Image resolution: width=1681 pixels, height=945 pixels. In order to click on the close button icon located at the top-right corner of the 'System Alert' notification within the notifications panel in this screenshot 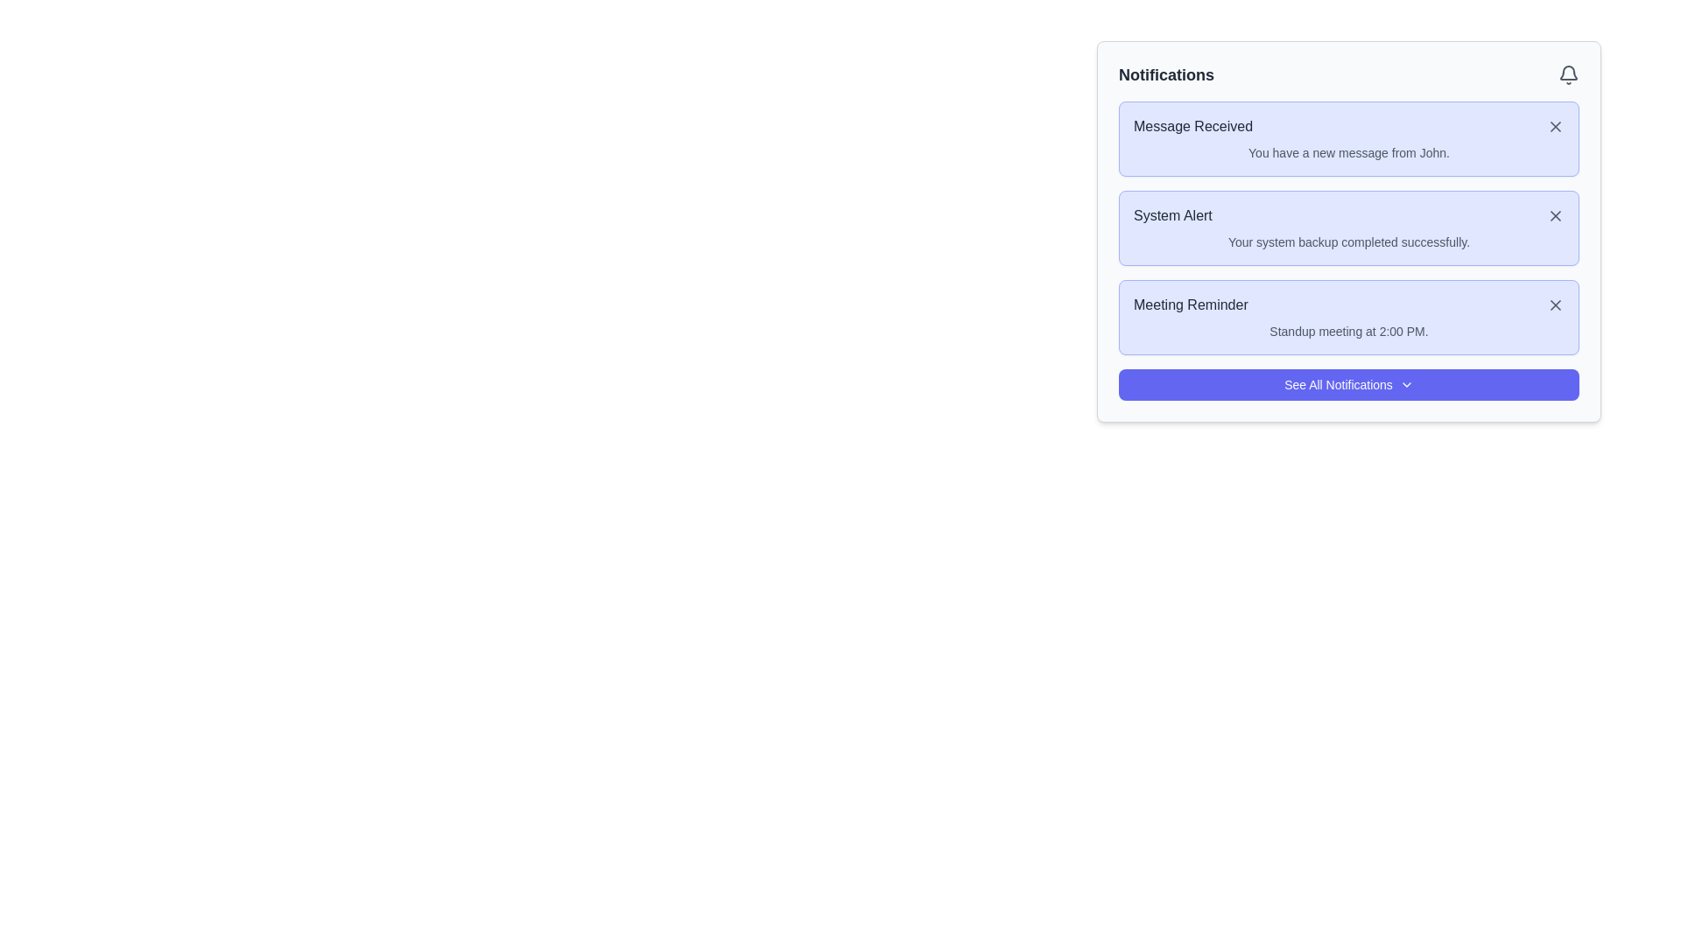, I will do `click(1555, 214)`.